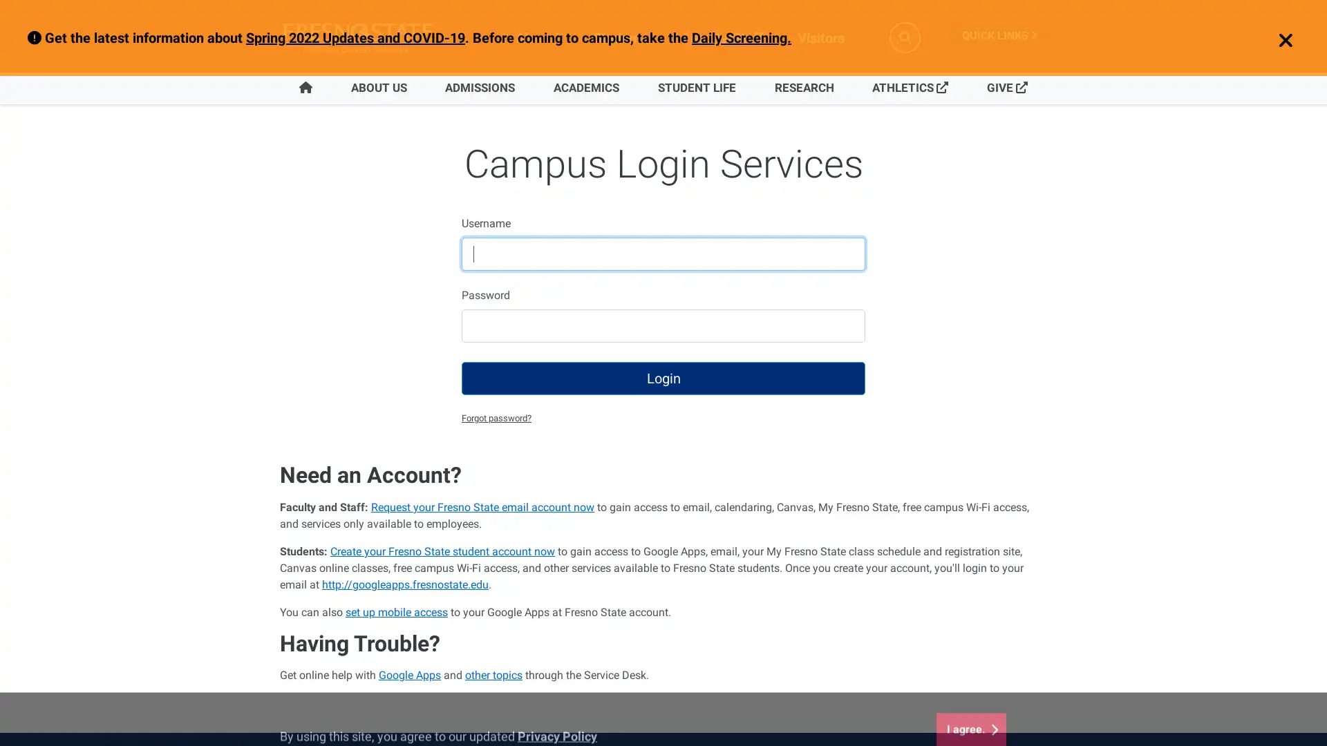 This screenshot has height=746, width=1327. I want to click on learn more about cookies, so click(557, 702).